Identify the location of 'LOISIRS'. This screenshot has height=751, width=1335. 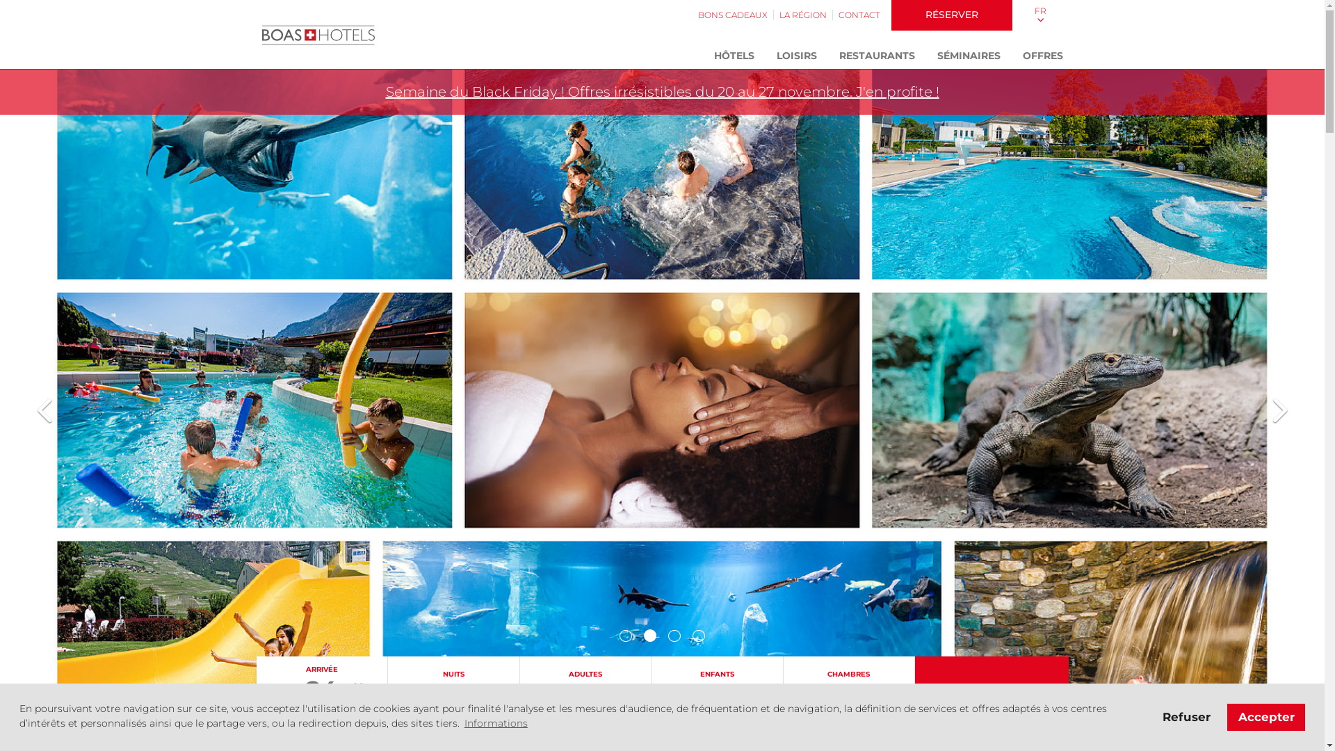
(796, 56).